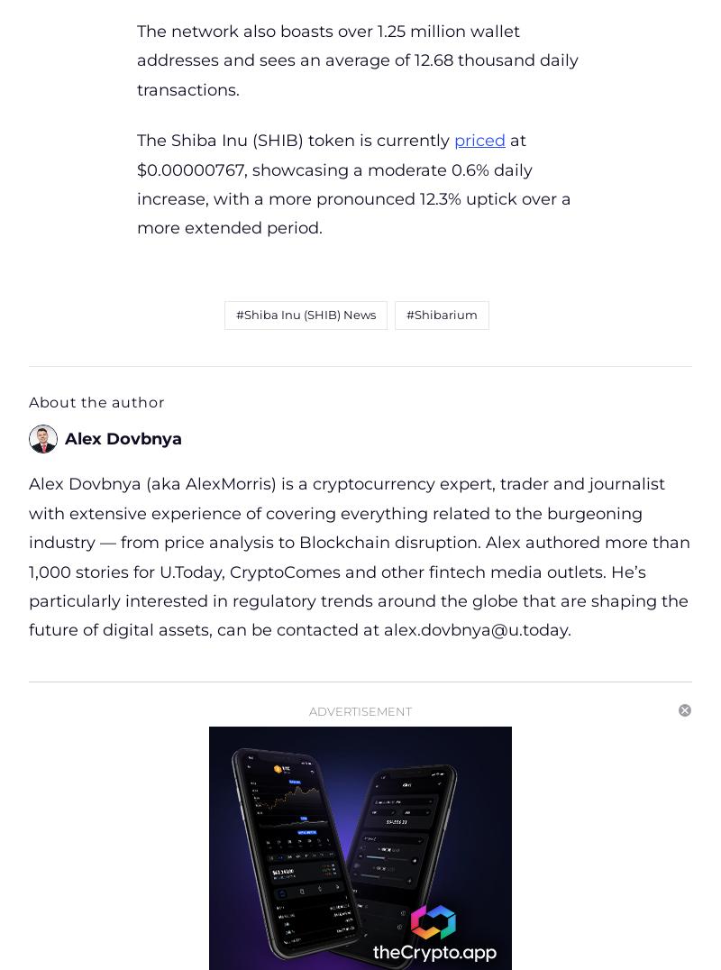  What do you see at coordinates (356, 60) in the screenshot?
I see `'The network also boasts over 1.25 million wallet addresses and sees an average of 12.68 thousand daily transactions.'` at bounding box center [356, 60].